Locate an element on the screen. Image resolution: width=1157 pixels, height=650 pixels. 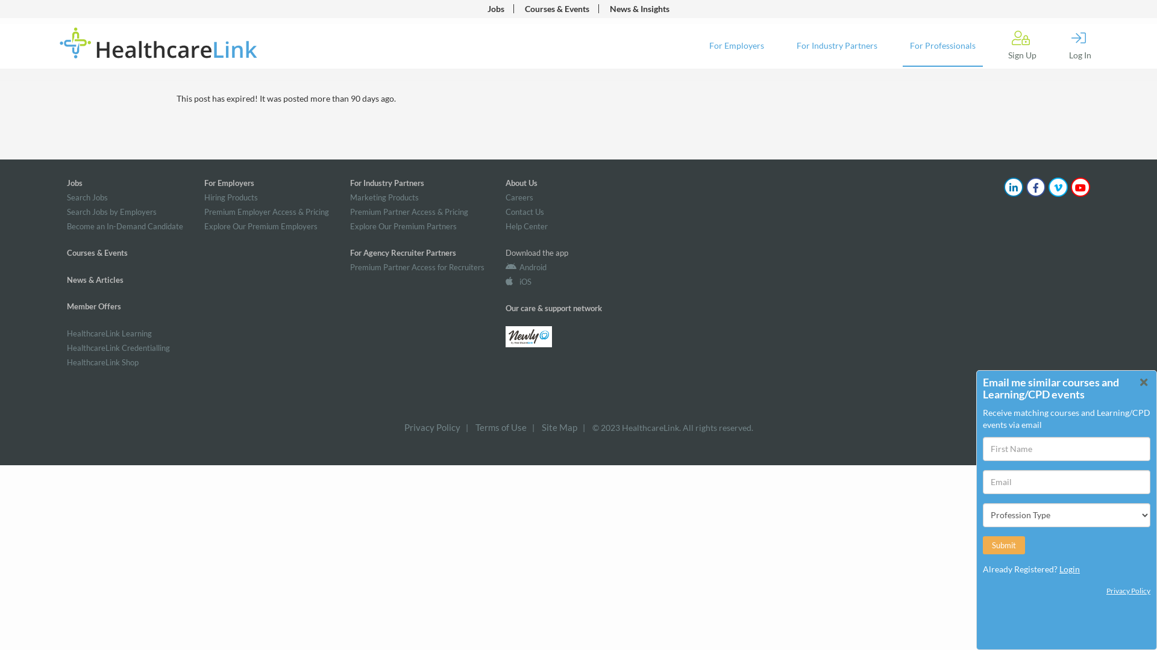
'Search Jobs by Employers' is located at coordinates (111, 211).